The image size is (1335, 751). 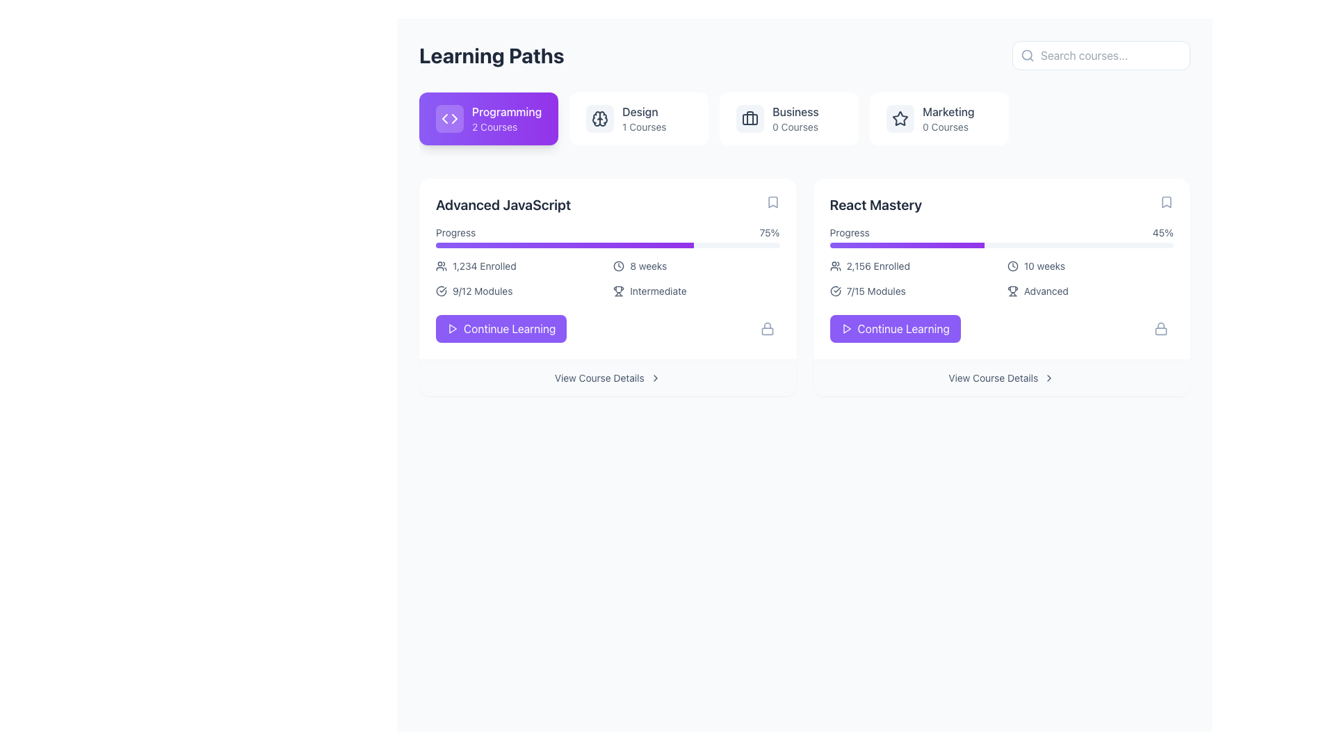 I want to click on the user icon representing group-related information located to the left of the text '1,234 Enrolled' in the course card labeled 'Advanced JavaScript', so click(x=440, y=266).